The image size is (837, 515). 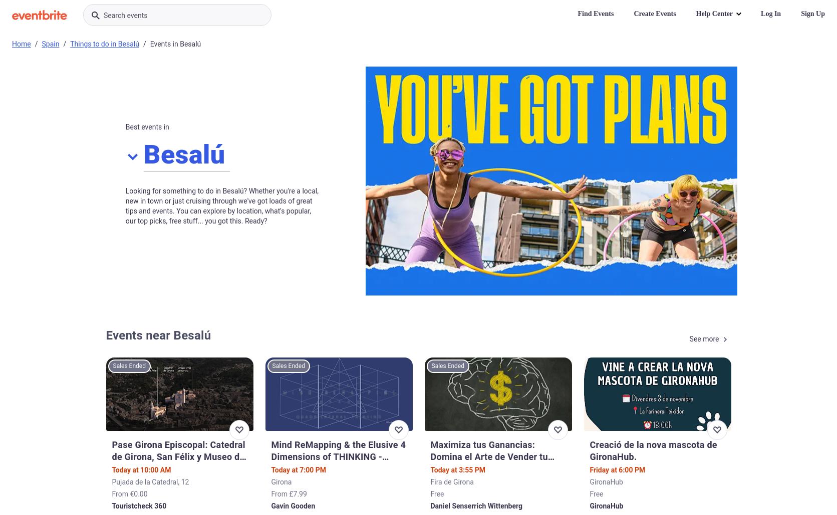 I want to click on 'Events near Besalú', so click(x=157, y=334).